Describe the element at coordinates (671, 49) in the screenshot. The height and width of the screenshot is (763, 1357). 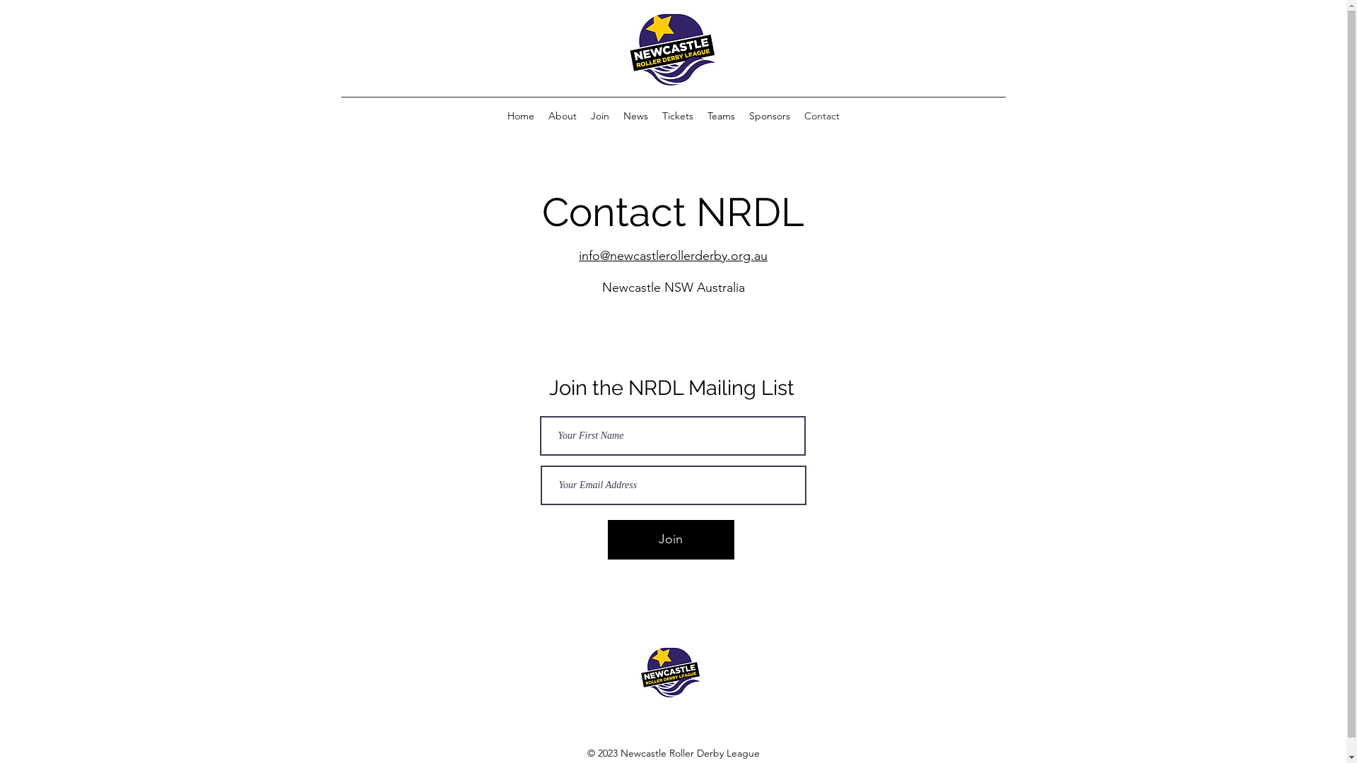
I see `'NRDL-Logo-Cut-out-1024x833.png'` at that location.